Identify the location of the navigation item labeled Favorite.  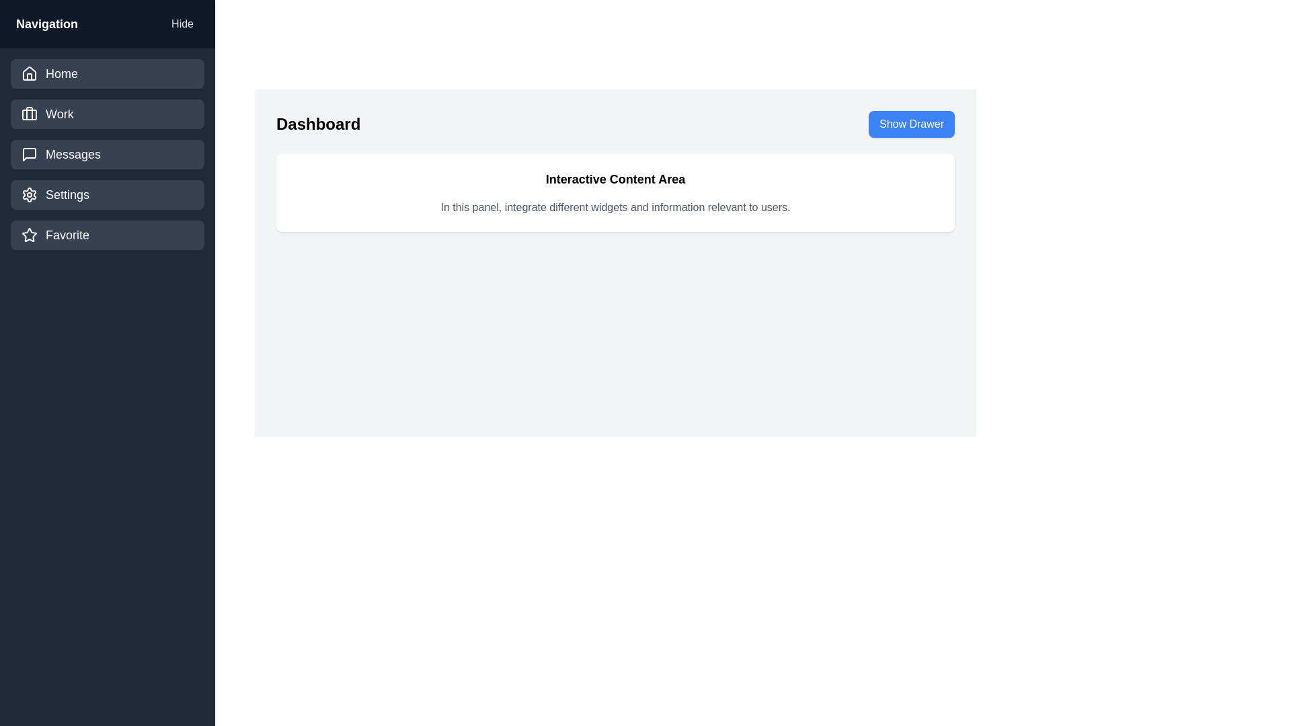
(106, 235).